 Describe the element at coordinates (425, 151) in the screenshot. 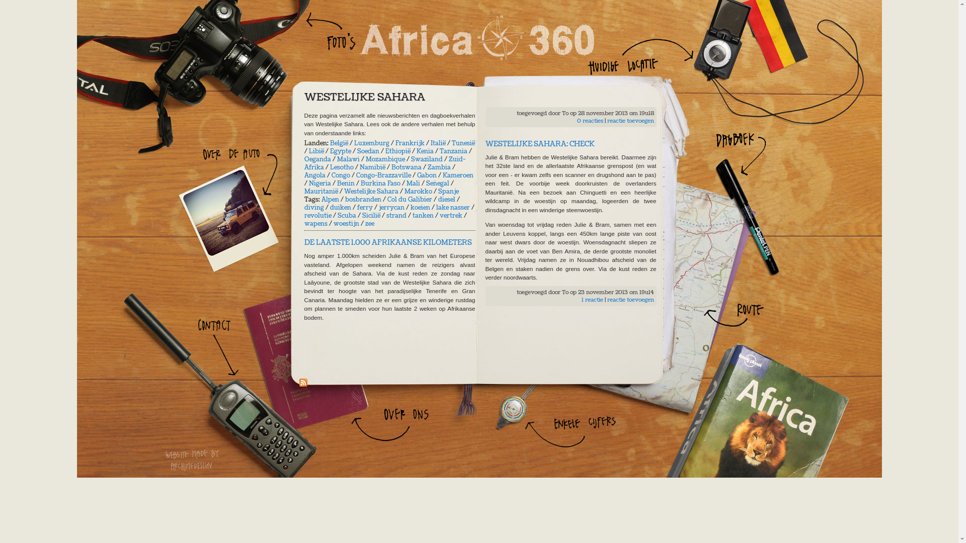

I see `'Kenia'` at that location.